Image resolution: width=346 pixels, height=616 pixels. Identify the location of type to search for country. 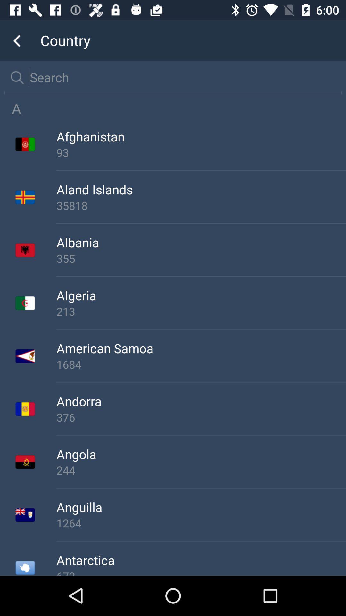
(181, 77).